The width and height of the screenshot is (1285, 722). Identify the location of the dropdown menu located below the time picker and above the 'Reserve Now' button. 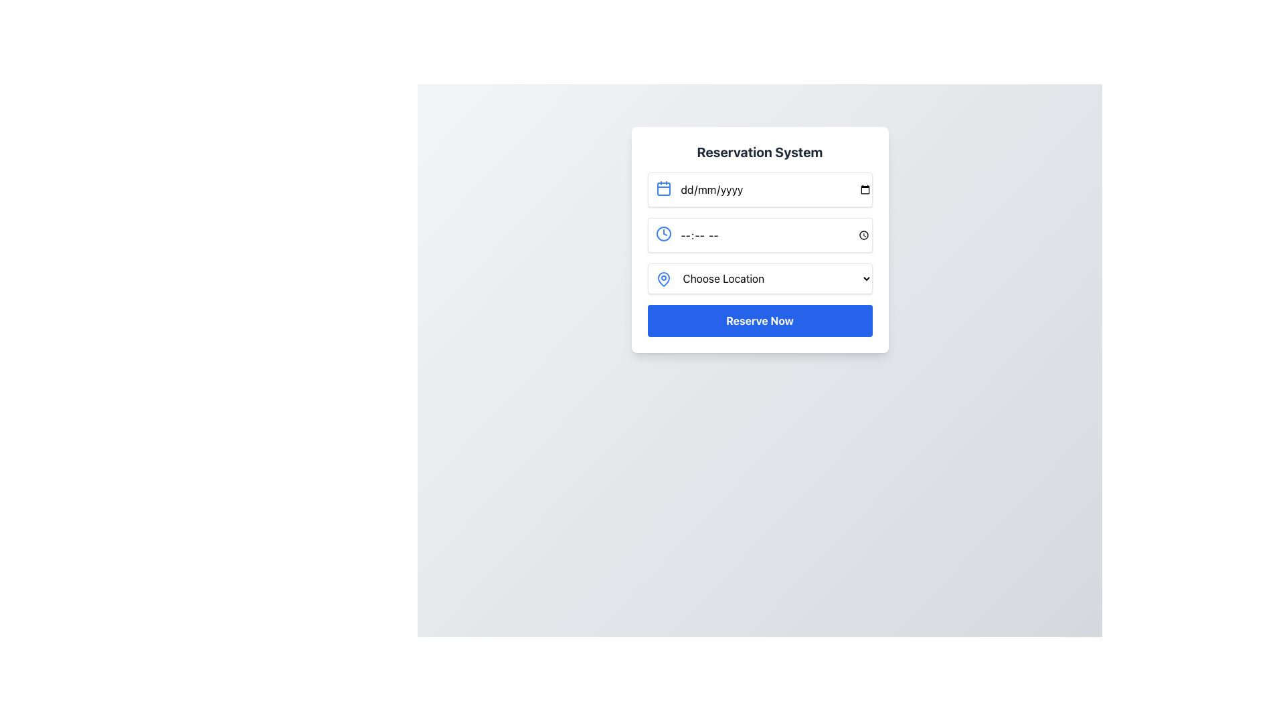
(760, 277).